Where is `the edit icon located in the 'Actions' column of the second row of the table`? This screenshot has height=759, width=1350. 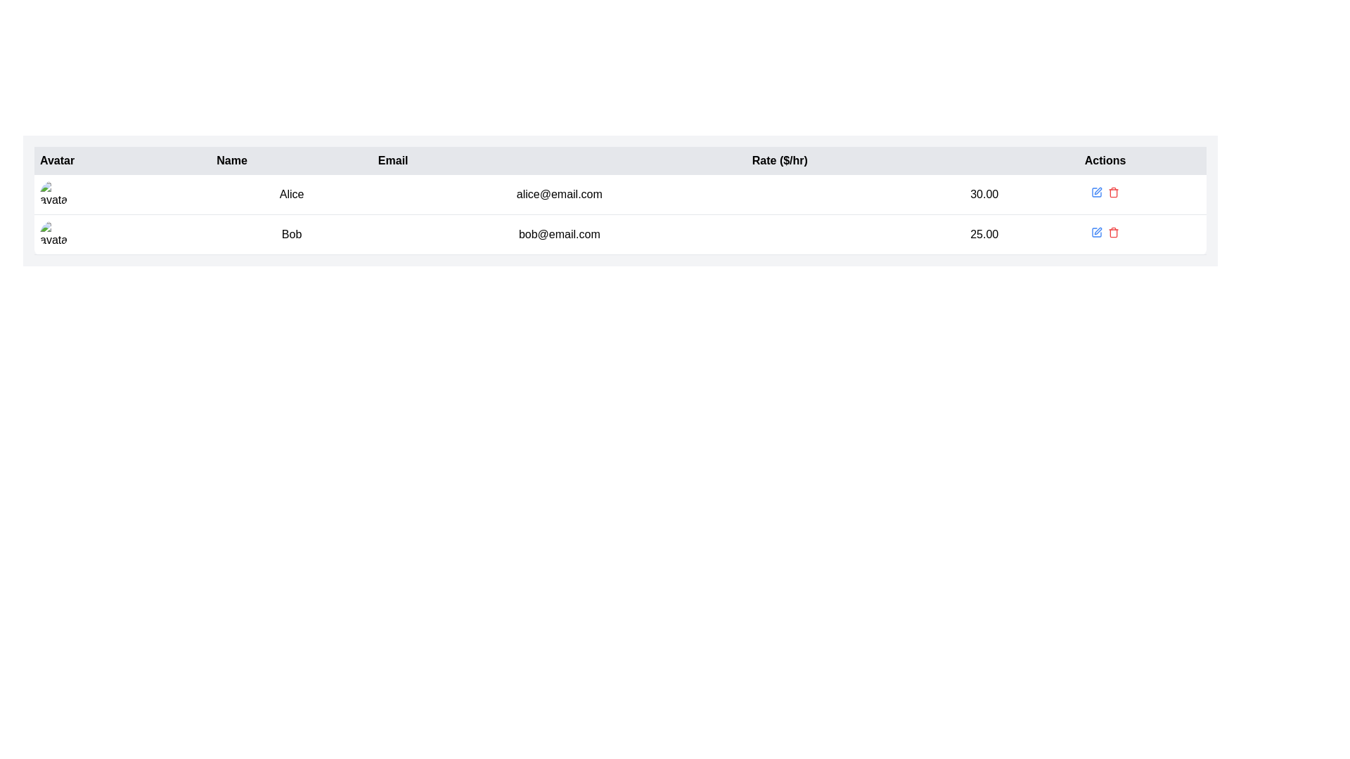
the edit icon located in the 'Actions' column of the second row of the table is located at coordinates (1096, 232).